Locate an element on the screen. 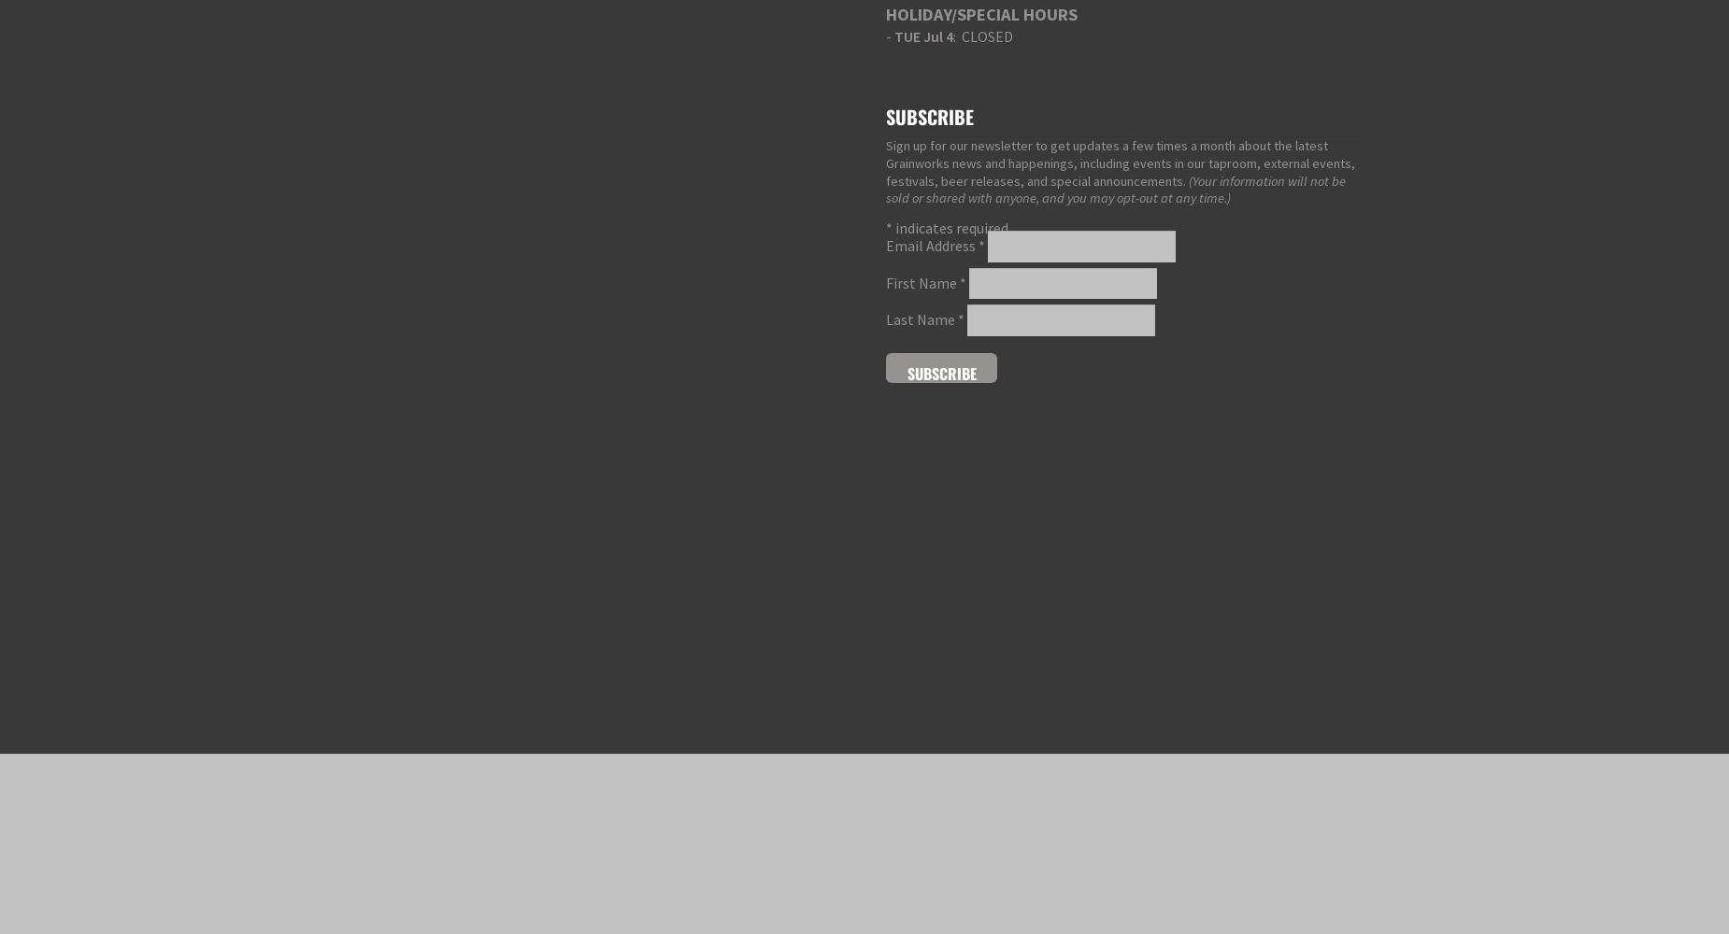 The width and height of the screenshot is (1729, 934). '-' is located at coordinates (889, 36).